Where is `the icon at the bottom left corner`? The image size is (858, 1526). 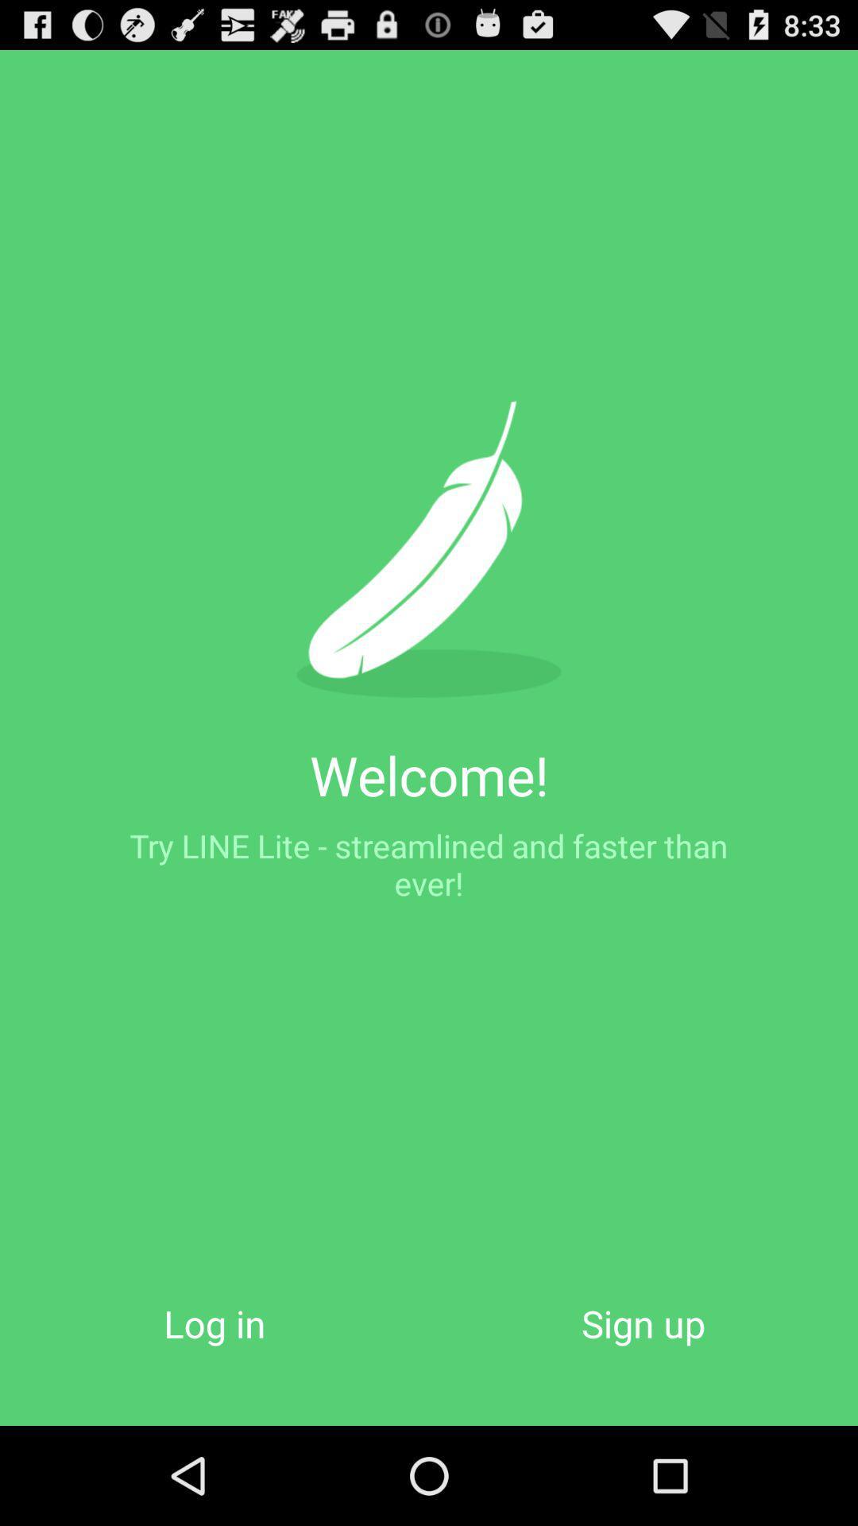 the icon at the bottom left corner is located at coordinates (214, 1323).